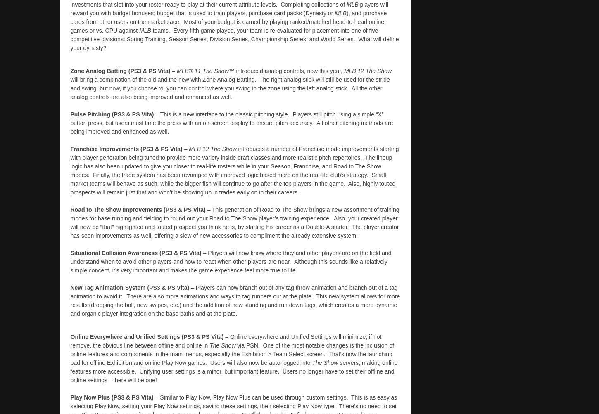  Describe the element at coordinates (231, 257) in the screenshot. I see `'– Players will now know where they and other players are on the field and understand when to avoid other players and how to react when other players are near.'` at that location.